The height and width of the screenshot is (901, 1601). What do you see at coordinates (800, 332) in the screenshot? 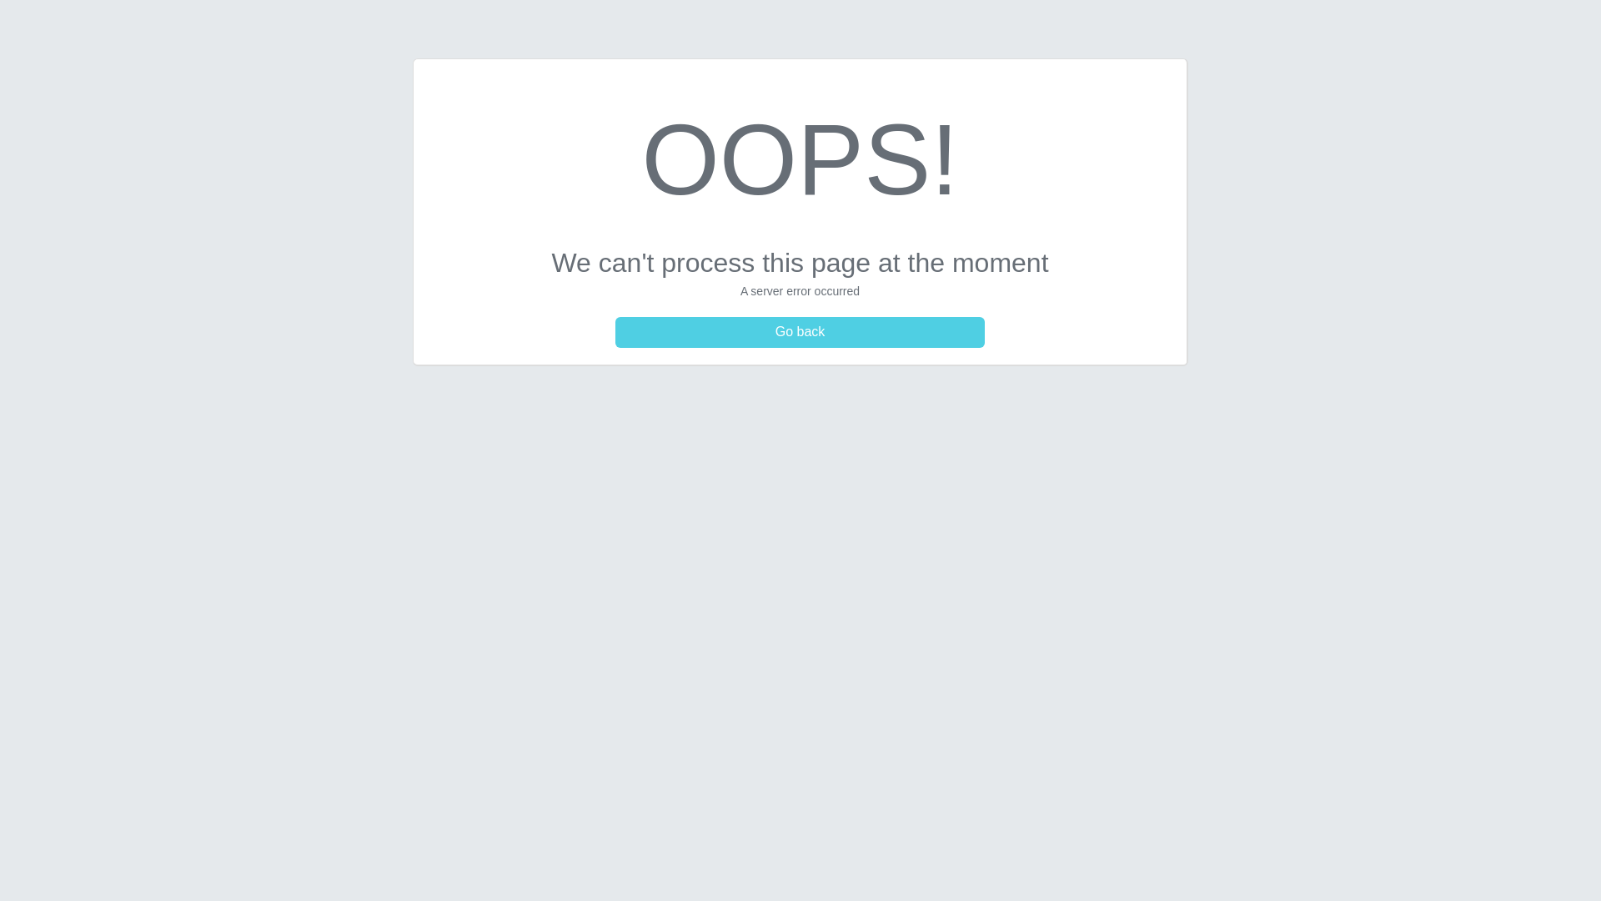
I see `'Go back'` at bounding box center [800, 332].